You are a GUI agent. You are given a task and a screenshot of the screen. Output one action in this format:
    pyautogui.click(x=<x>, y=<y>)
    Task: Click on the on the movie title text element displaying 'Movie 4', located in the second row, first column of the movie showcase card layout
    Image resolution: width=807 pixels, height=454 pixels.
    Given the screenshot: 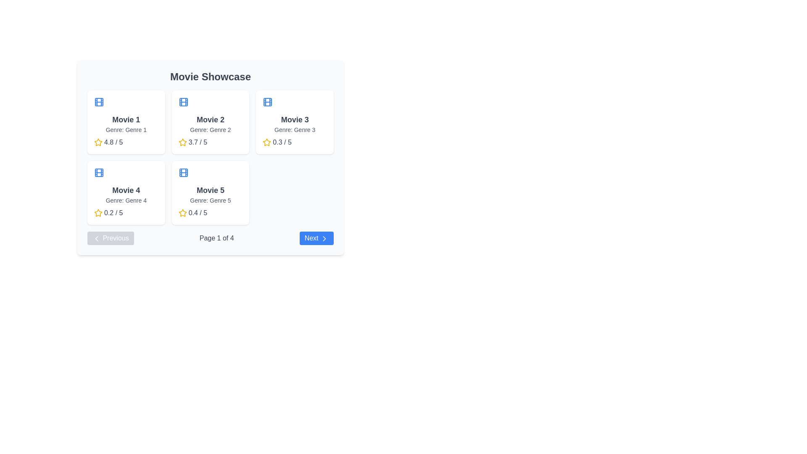 What is the action you would take?
    pyautogui.click(x=126, y=190)
    